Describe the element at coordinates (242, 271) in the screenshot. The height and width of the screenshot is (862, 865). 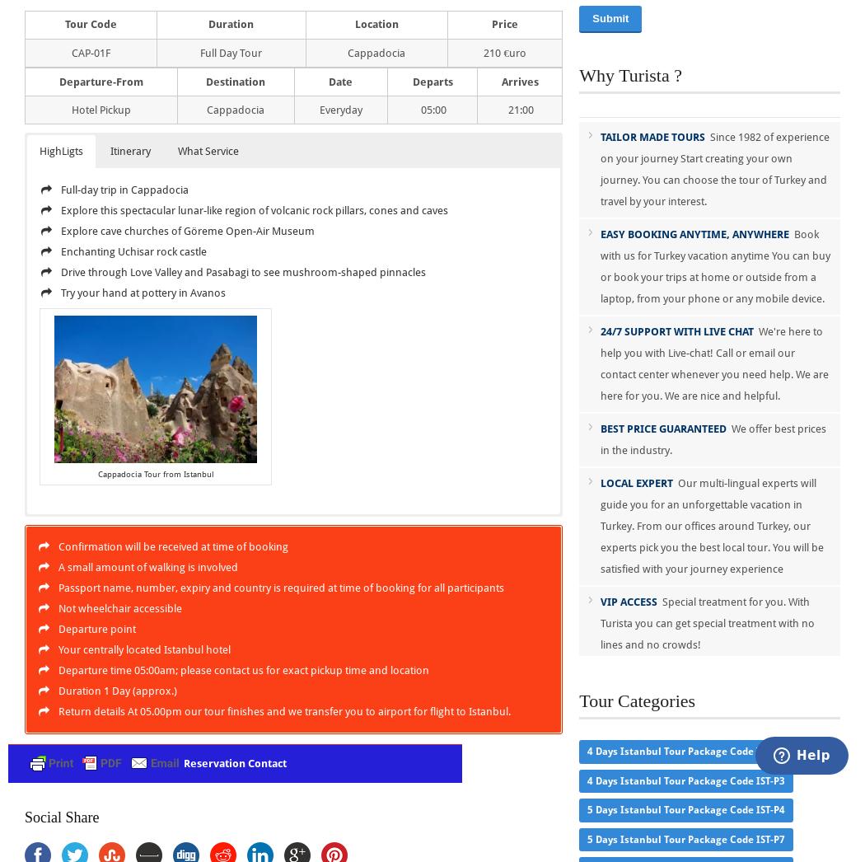
I see `'Drive through Love Valley and Pasabagi to see mushroom-shaped pinnacles'` at that location.